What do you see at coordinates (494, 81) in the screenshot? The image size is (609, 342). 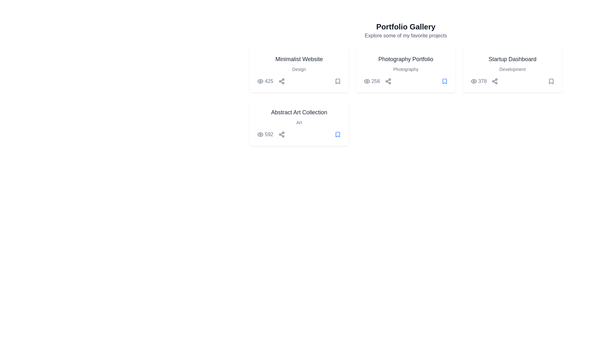 I see `the share icon represented by three connected circles in a triangular arrangement, located in the top-right section of the 'Portfolio Gallery' for the 'Startup Dashboard', to share content` at bounding box center [494, 81].